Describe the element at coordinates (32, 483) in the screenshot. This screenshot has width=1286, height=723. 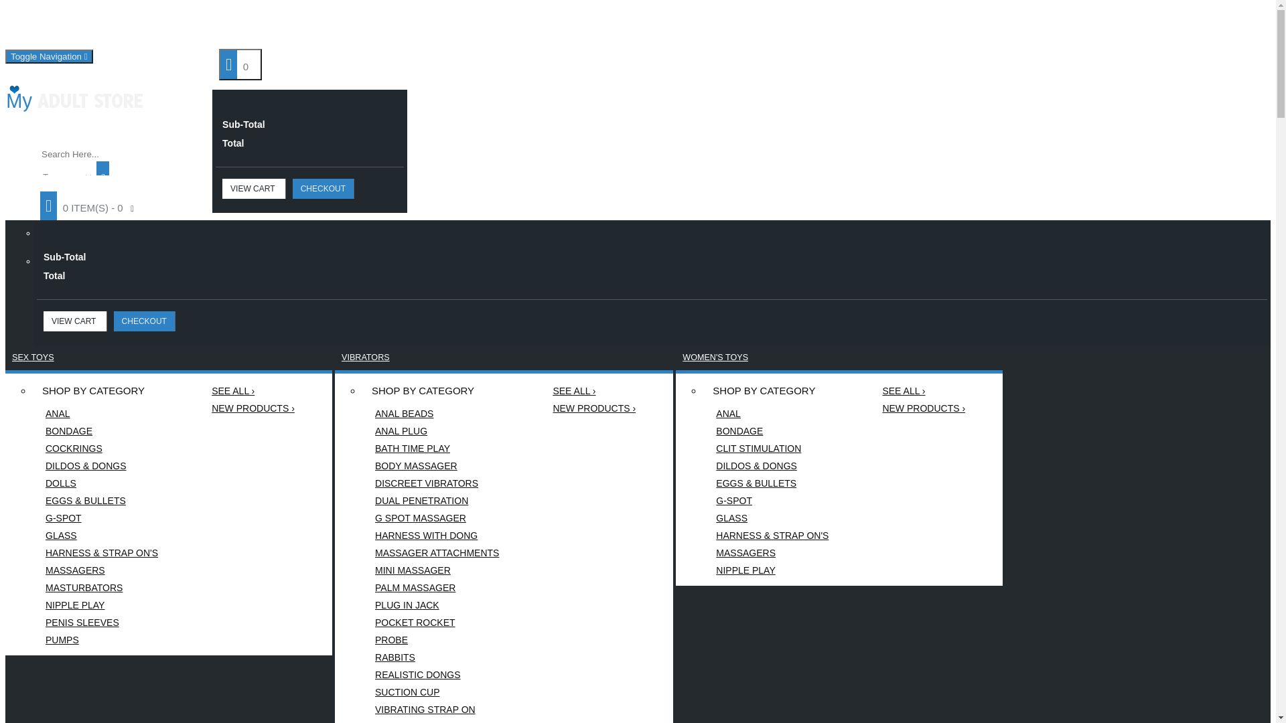
I see `'DOLLS'` at that location.